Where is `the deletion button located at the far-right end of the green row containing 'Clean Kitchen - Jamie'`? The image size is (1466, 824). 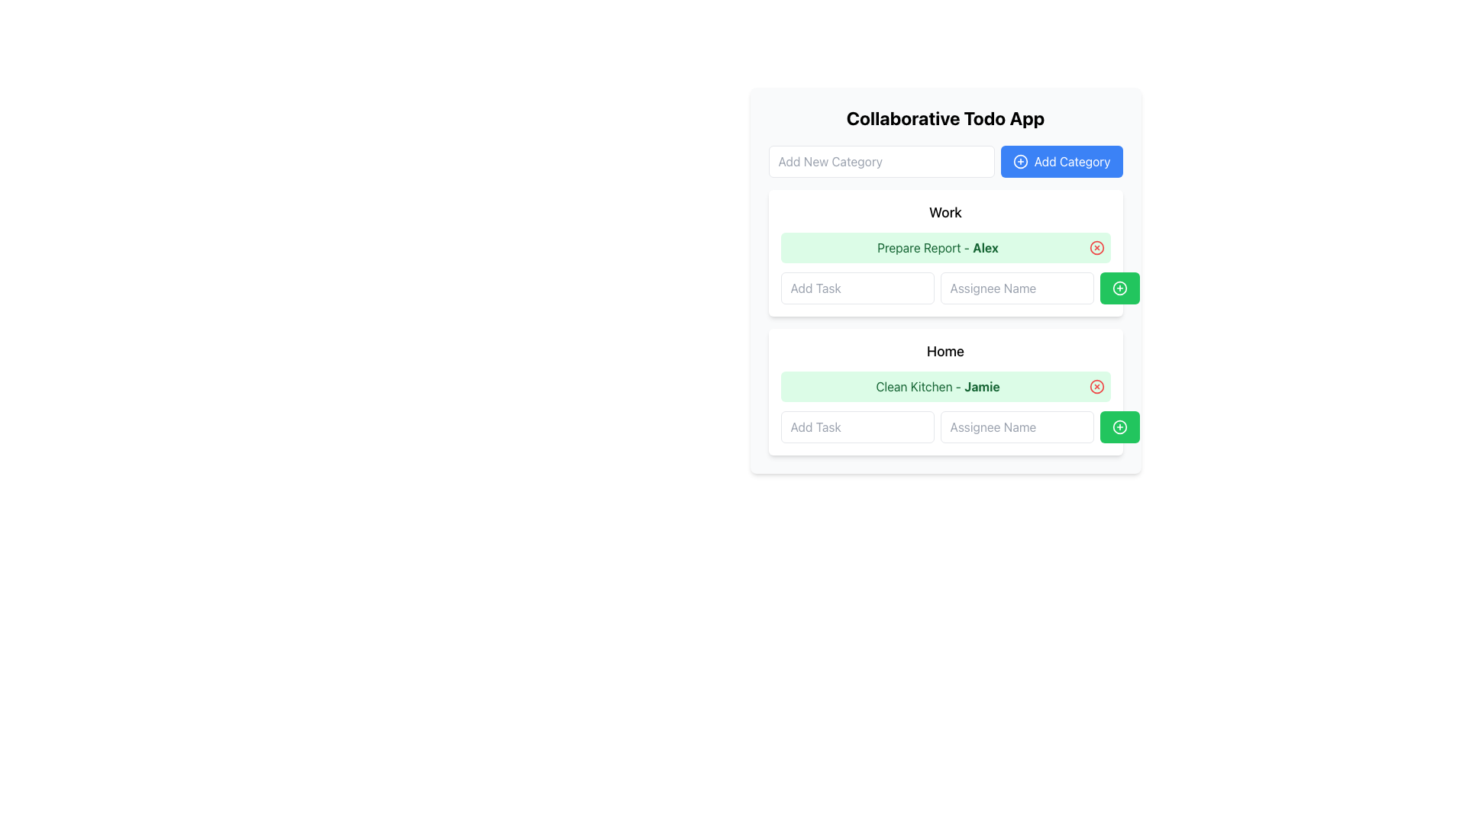
the deletion button located at the far-right end of the green row containing 'Clean Kitchen - Jamie' is located at coordinates (1096, 385).